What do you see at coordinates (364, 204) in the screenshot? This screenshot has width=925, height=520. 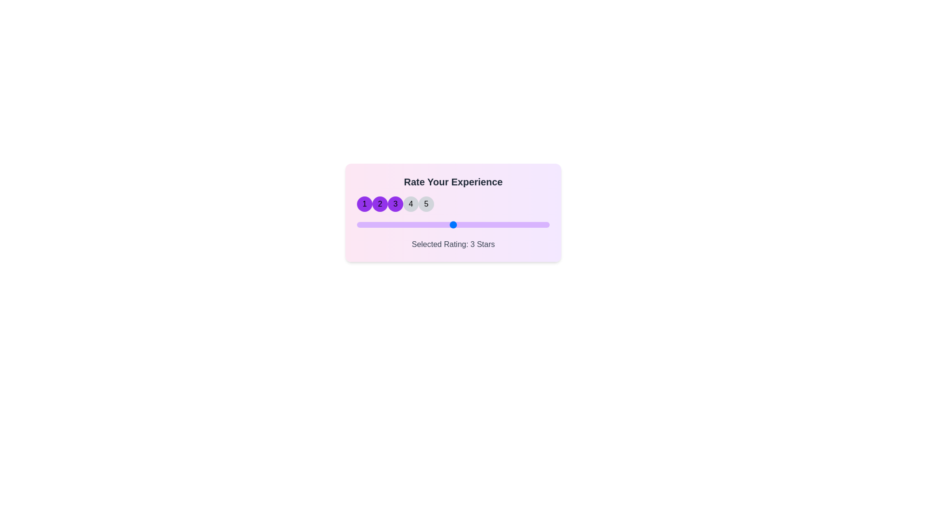 I see `the star corresponding to 1 to set the rating` at bounding box center [364, 204].